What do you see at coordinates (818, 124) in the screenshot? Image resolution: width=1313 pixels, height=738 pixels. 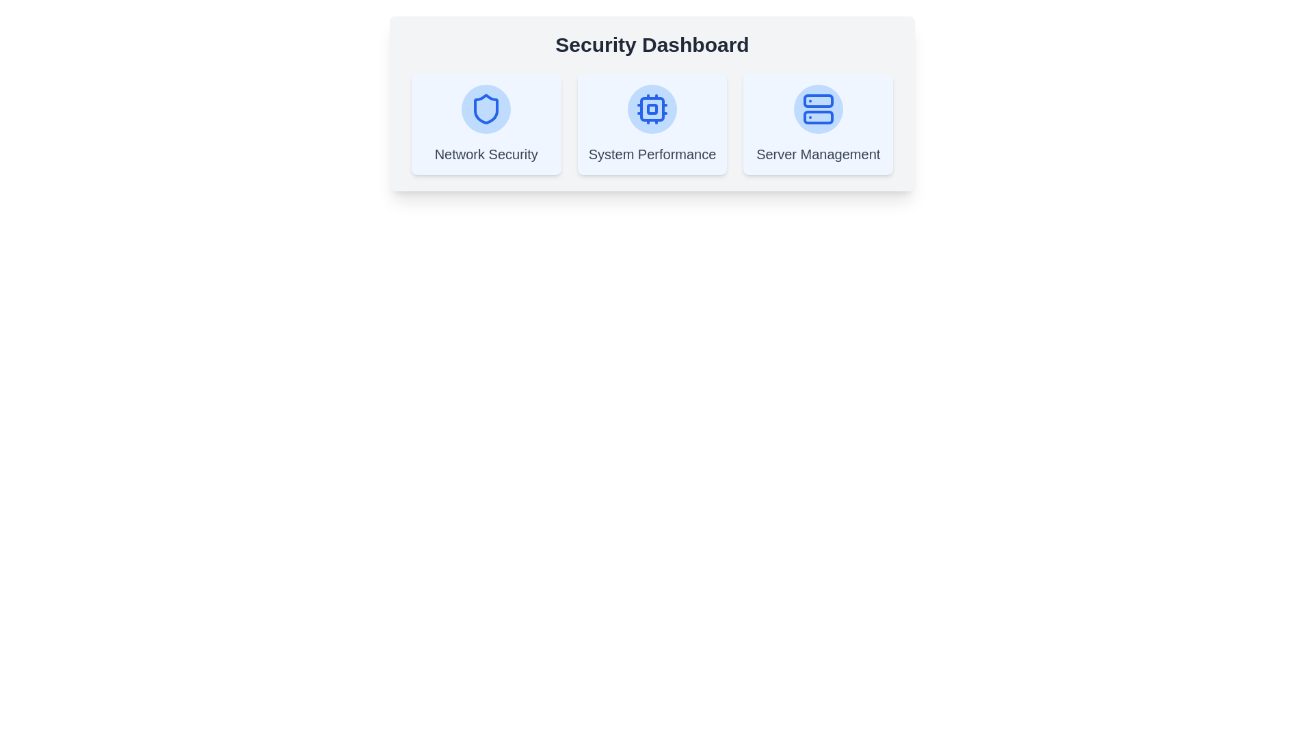 I see `the server management icon located in the third card of the horizontally-aligned options set, positioned to the far right after the 'System Performance' card` at bounding box center [818, 124].